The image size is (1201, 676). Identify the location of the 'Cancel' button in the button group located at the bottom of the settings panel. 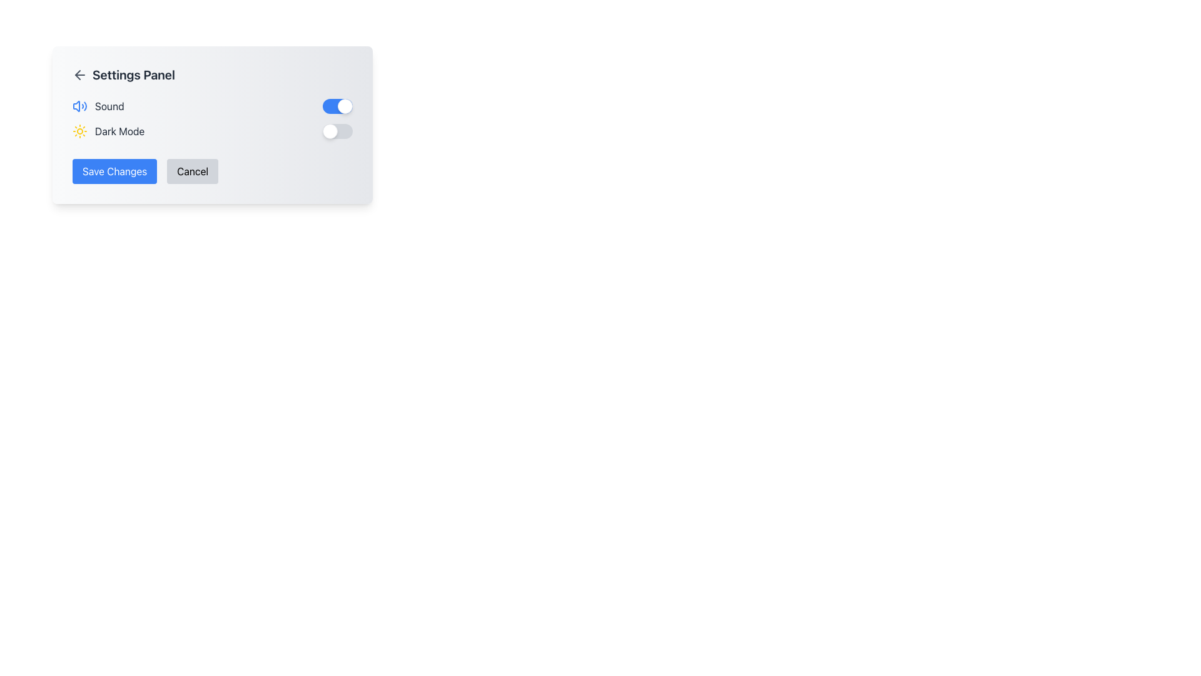
(213, 171).